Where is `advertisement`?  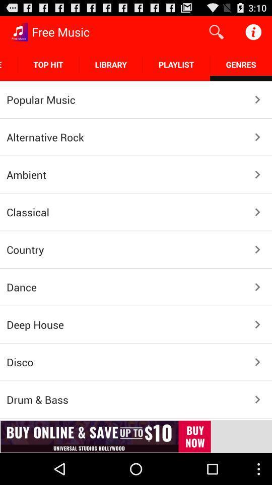
advertisement is located at coordinates (136, 436).